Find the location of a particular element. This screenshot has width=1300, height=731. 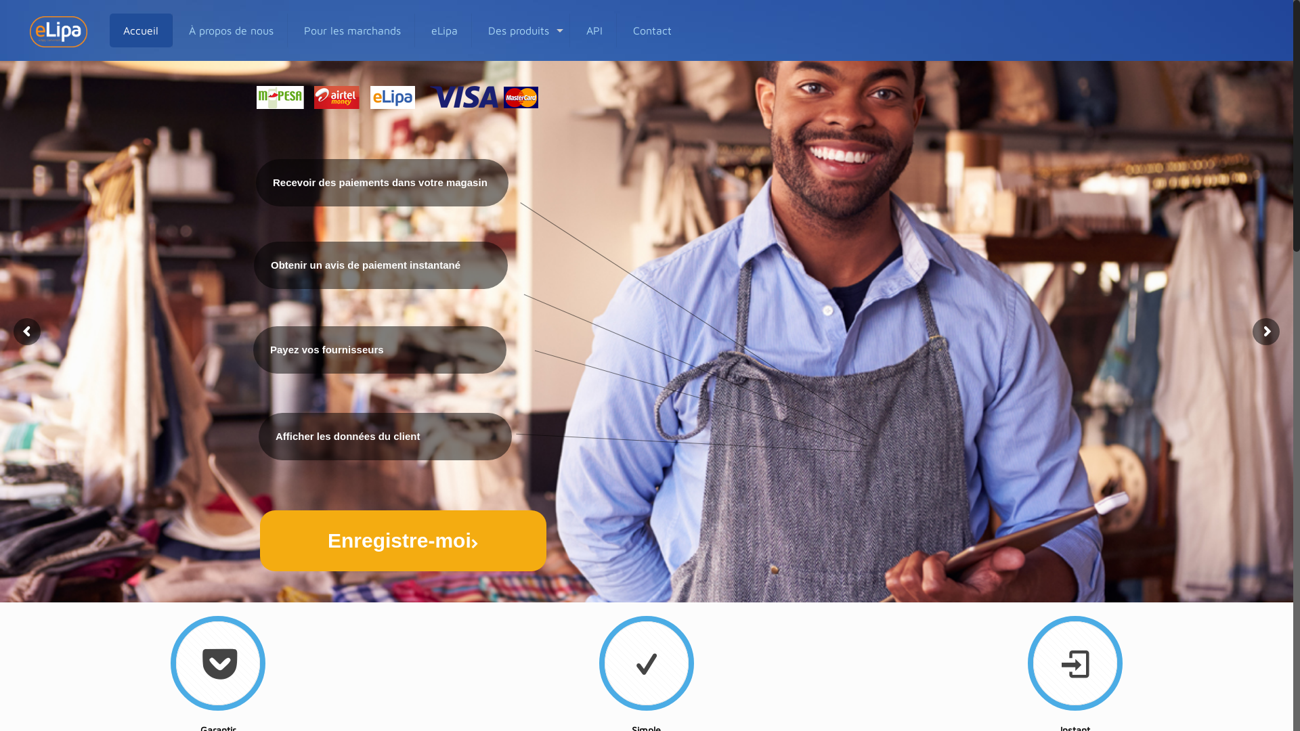

'eLipa' is located at coordinates (445, 30).